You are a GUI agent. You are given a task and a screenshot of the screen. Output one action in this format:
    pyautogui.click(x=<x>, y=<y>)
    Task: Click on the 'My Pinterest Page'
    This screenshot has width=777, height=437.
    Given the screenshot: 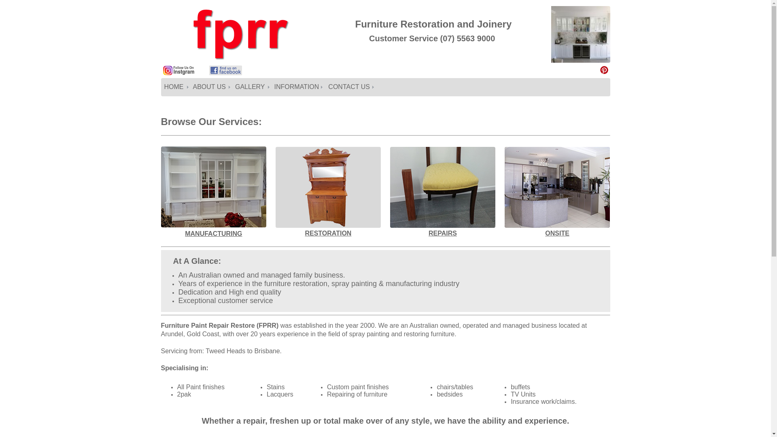 What is the action you would take?
    pyautogui.click(x=604, y=70)
    